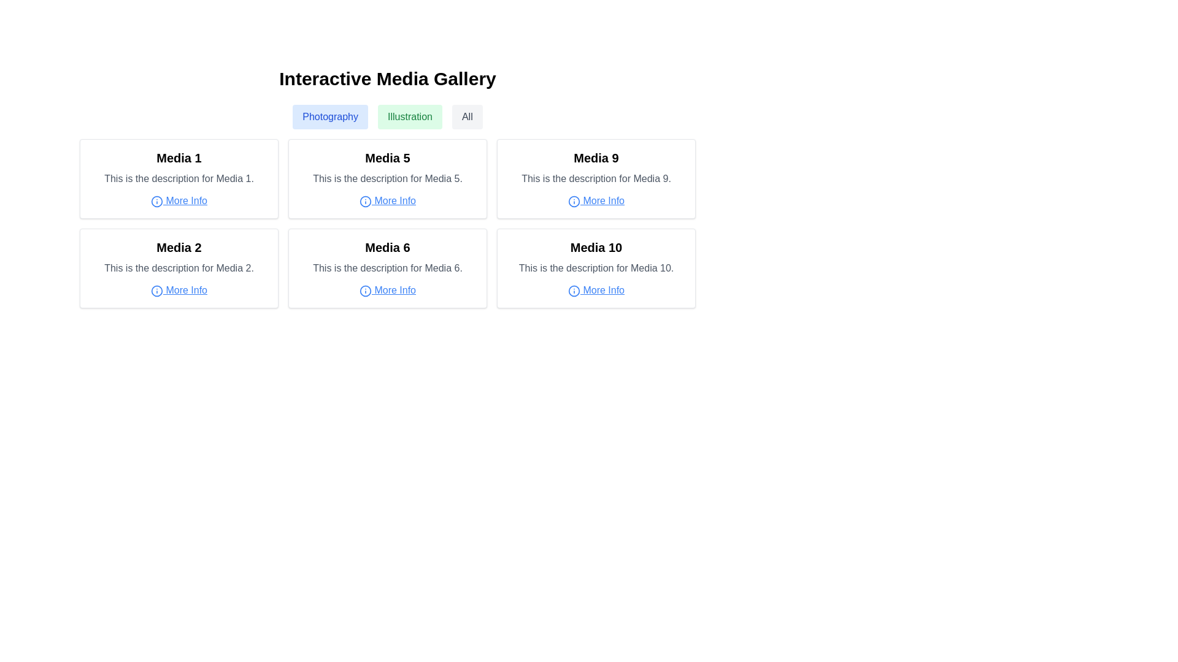 The image size is (1178, 662). What do you see at coordinates (387, 268) in the screenshot?
I see `the link within the card located in the center-right section of the grid layout, specifically in the second row and second column` at bounding box center [387, 268].